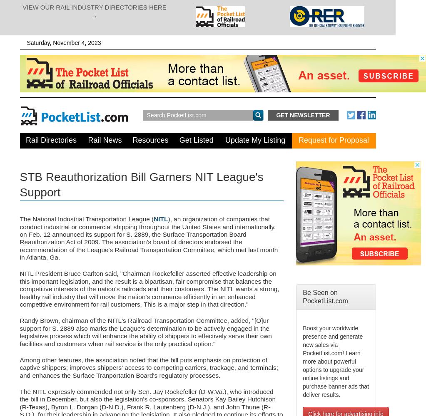 This screenshot has width=426, height=416. What do you see at coordinates (63, 42) in the screenshot?
I see `'Saturday, November 4, 2023'` at bounding box center [63, 42].